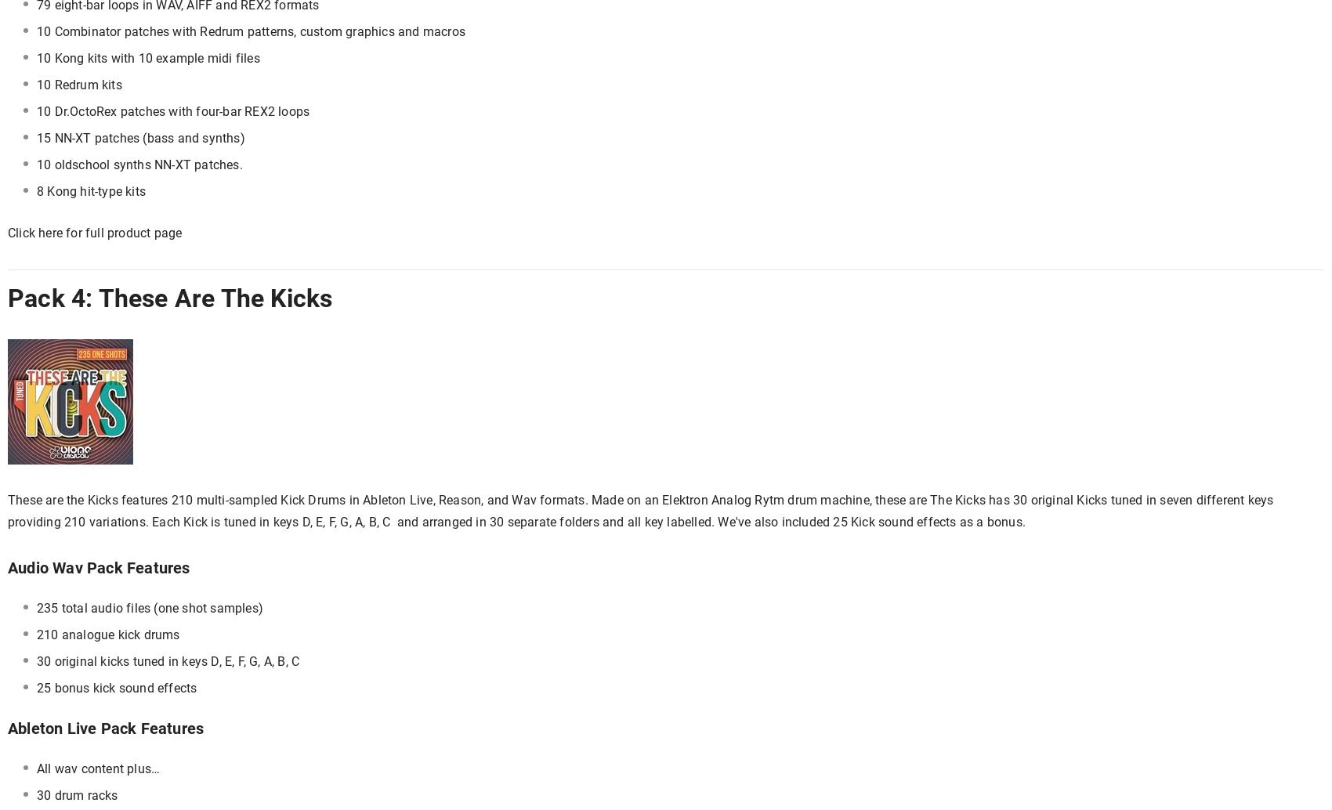 The width and height of the screenshot is (1332, 810). Describe the element at coordinates (97, 568) in the screenshot. I see `'Audio Wav Pack Features'` at that location.